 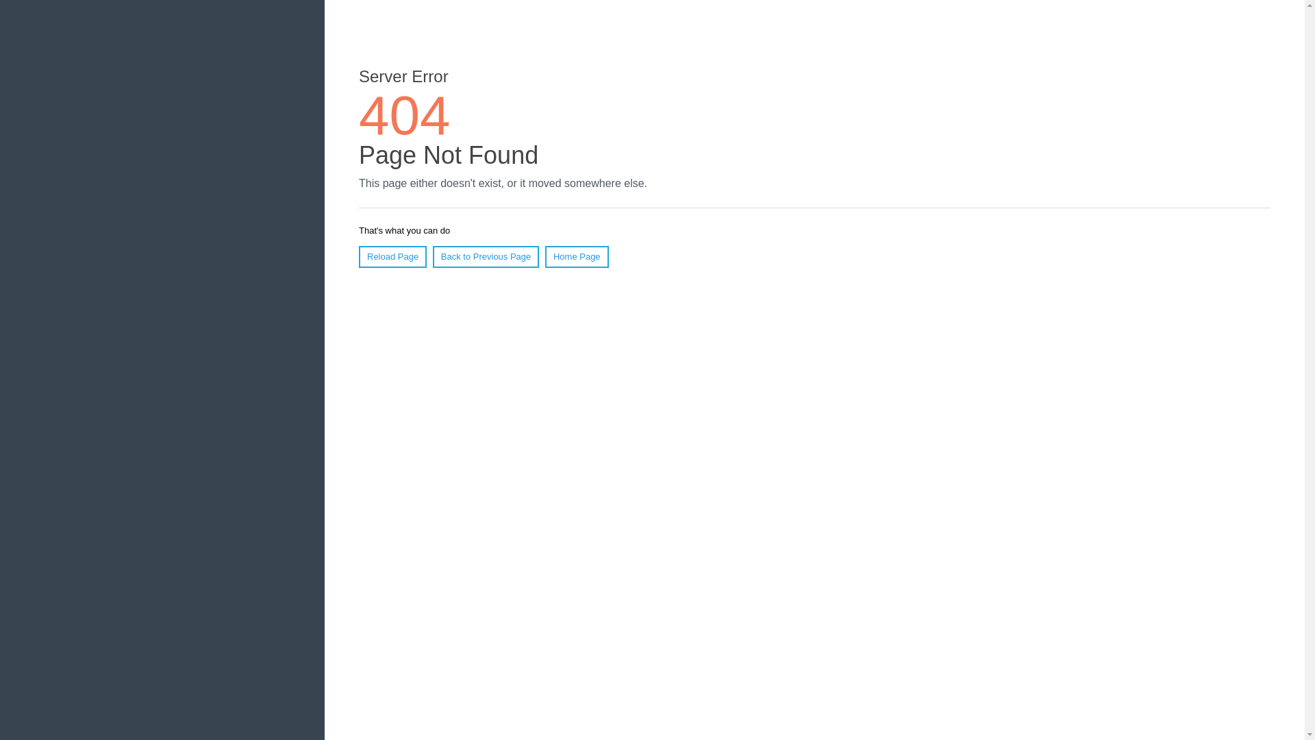 What do you see at coordinates (432, 256) in the screenshot?
I see `'Back to Previous Page'` at bounding box center [432, 256].